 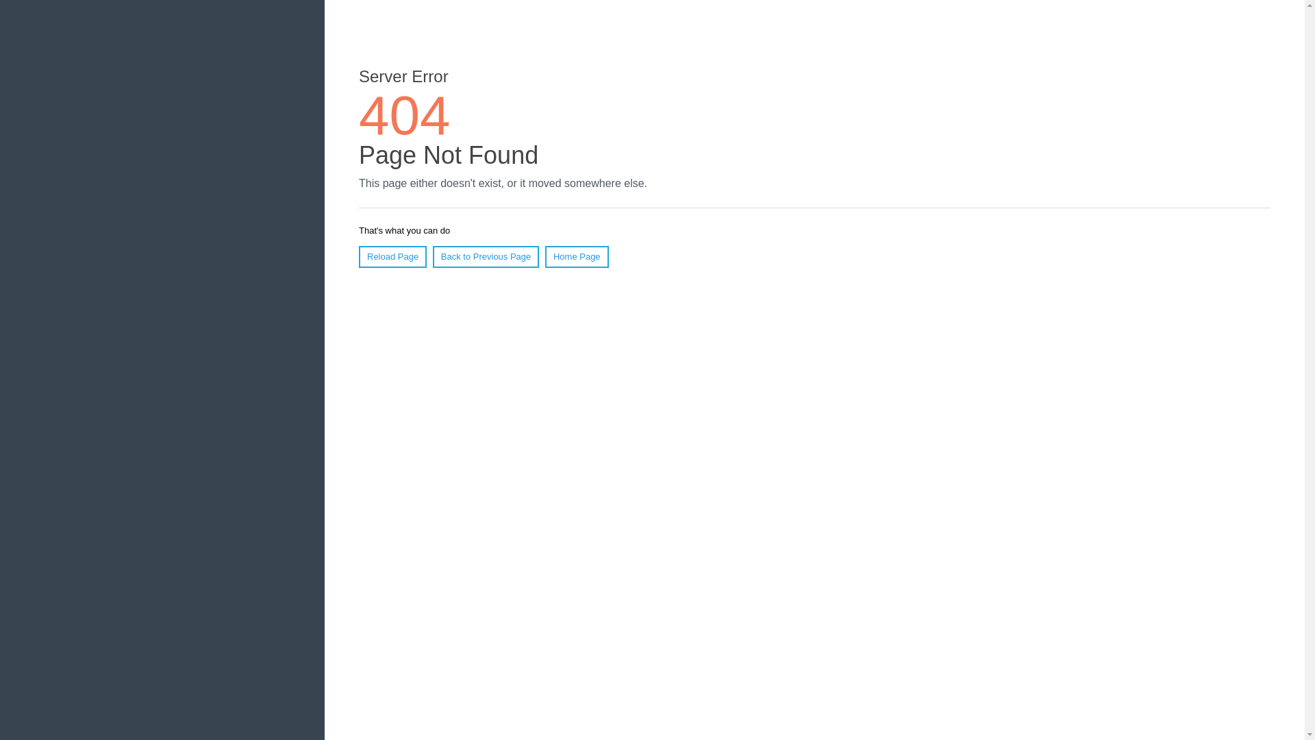 What do you see at coordinates (432, 256) in the screenshot?
I see `'Back to Previous Page'` at bounding box center [432, 256].